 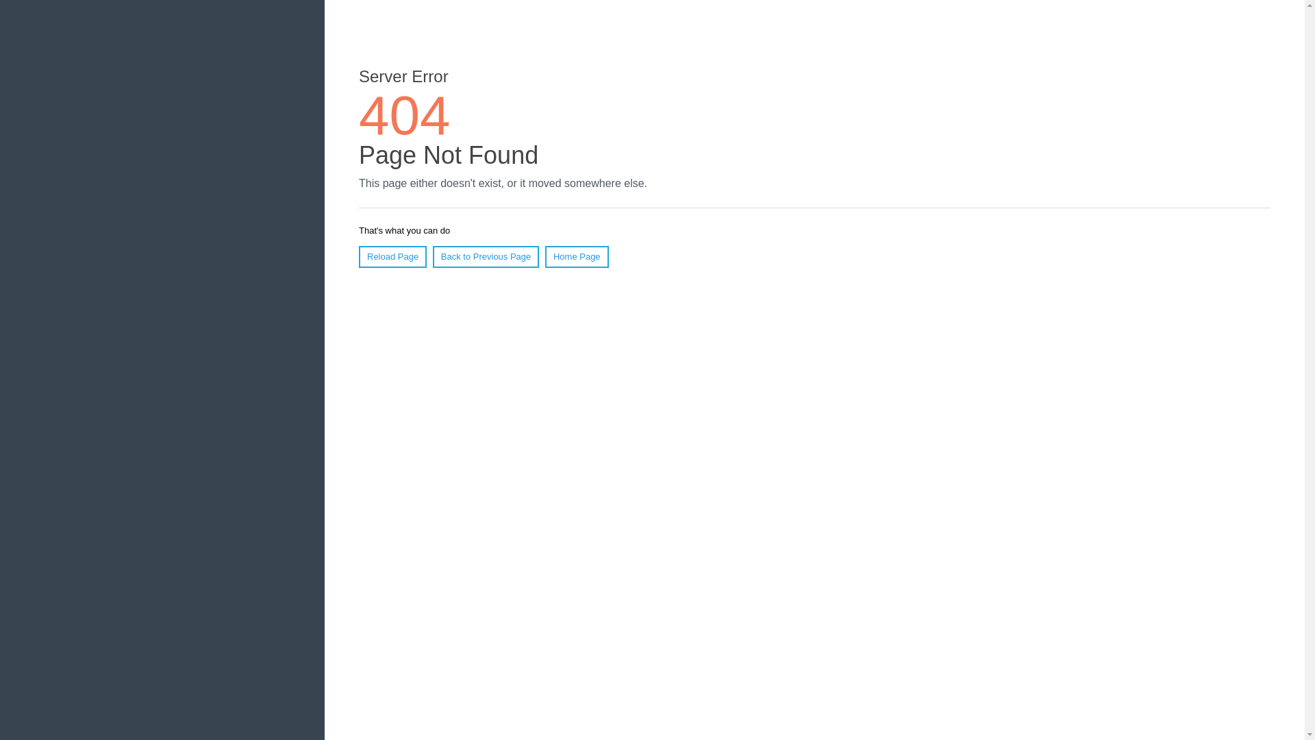 What do you see at coordinates (432, 256) in the screenshot?
I see `'Back to Previous Page'` at bounding box center [432, 256].